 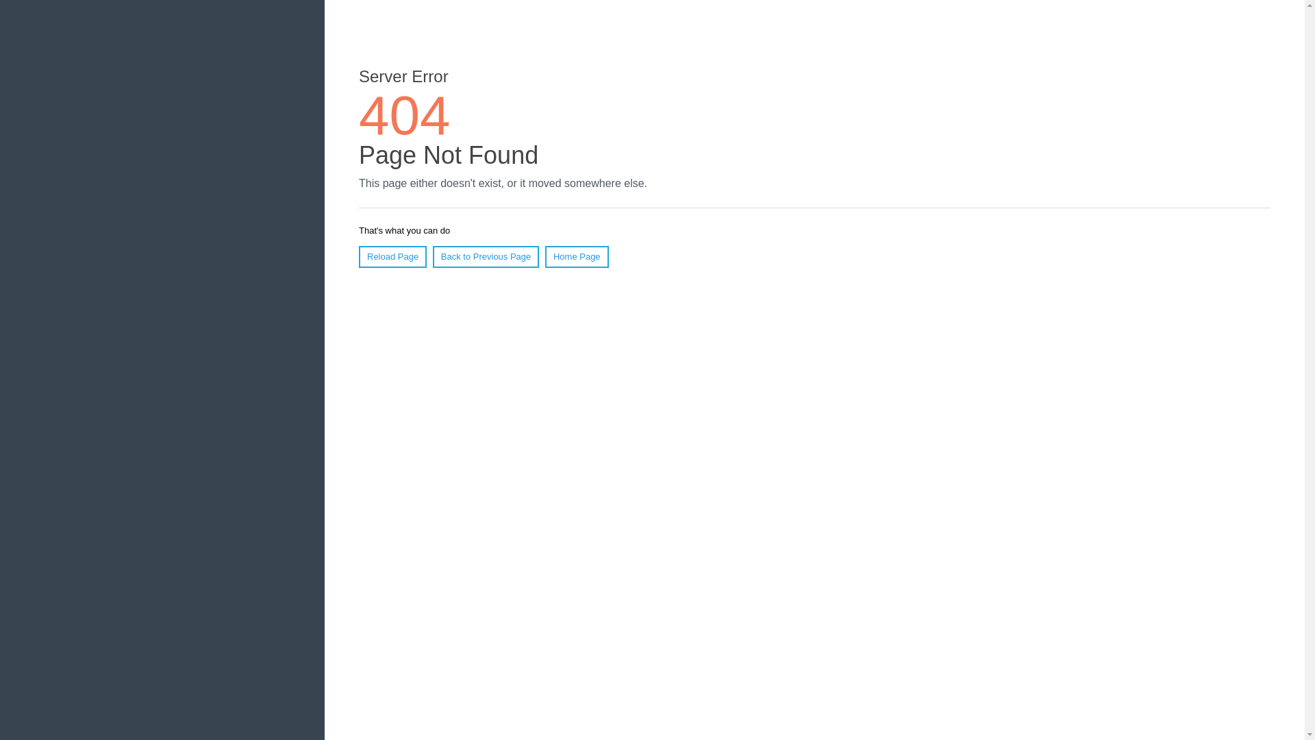 What do you see at coordinates (432, 256) in the screenshot?
I see `'Back to Previous Page'` at bounding box center [432, 256].